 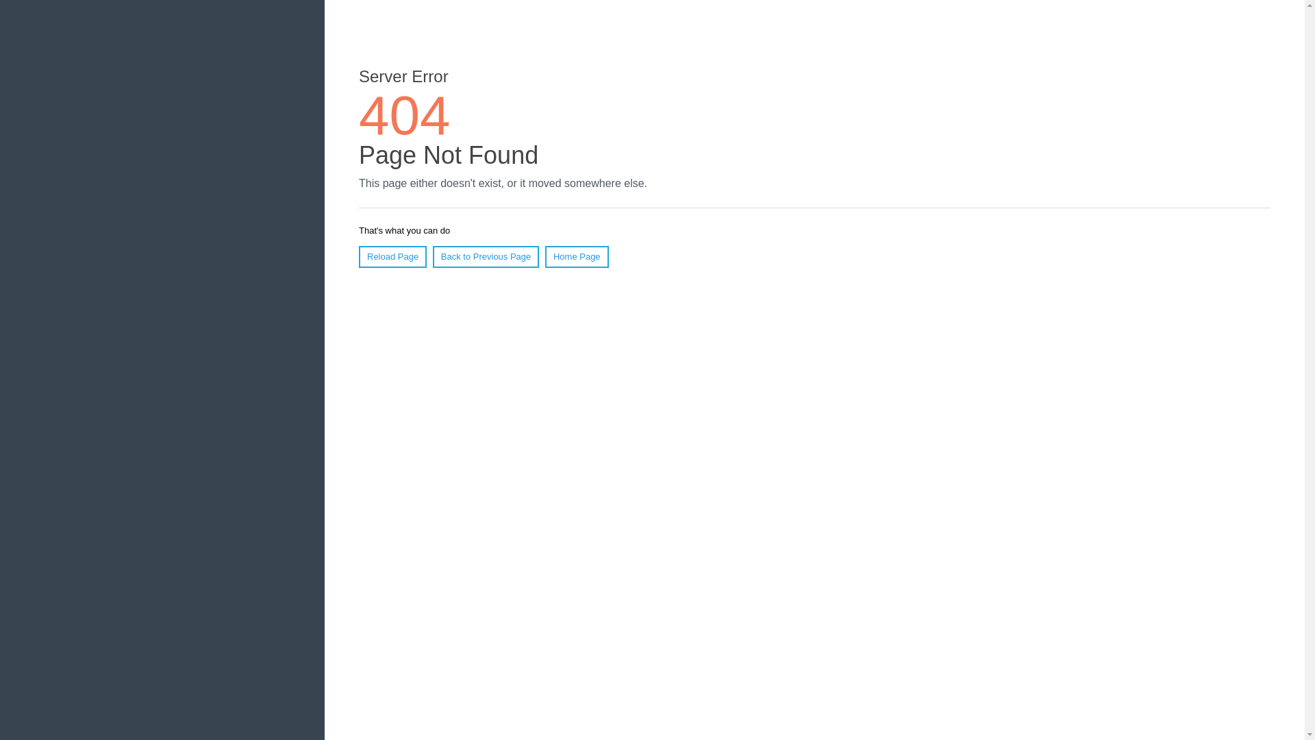 What do you see at coordinates (432, 256) in the screenshot?
I see `'Back to Previous Page'` at bounding box center [432, 256].